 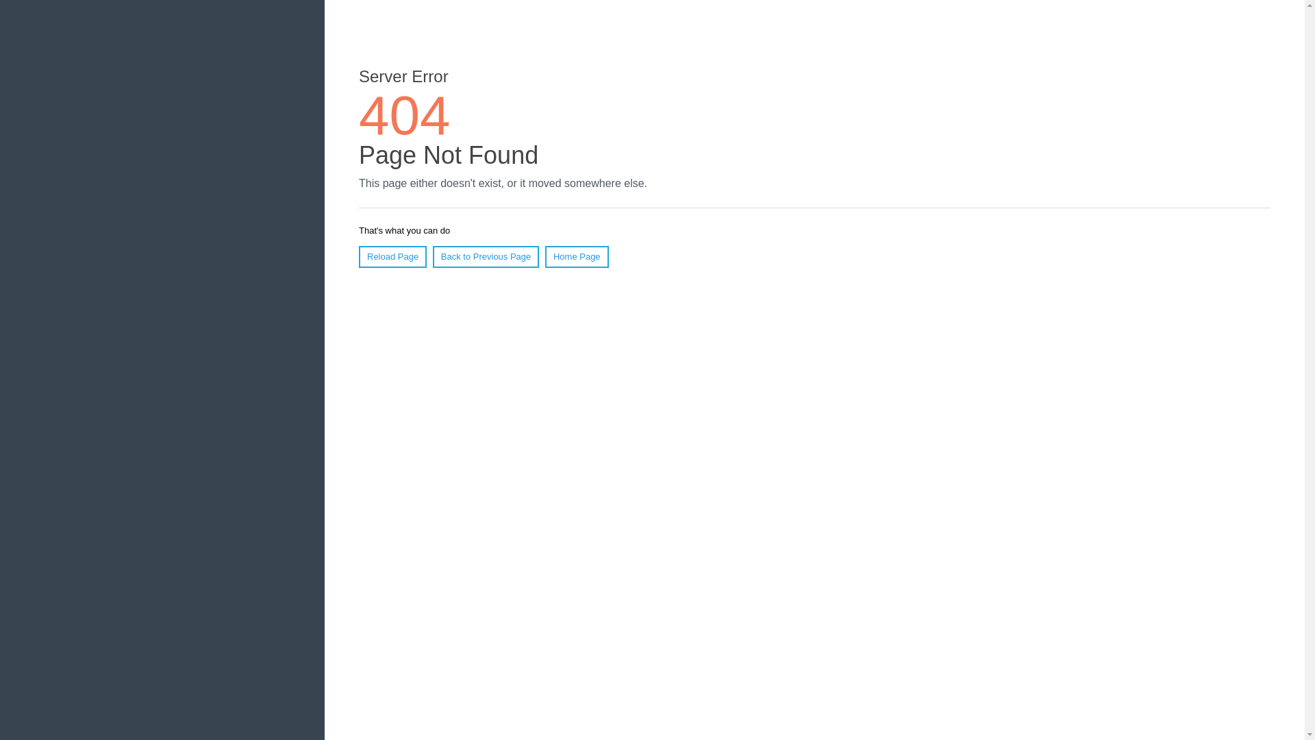 What do you see at coordinates (432, 256) in the screenshot?
I see `'Back to Previous Page'` at bounding box center [432, 256].